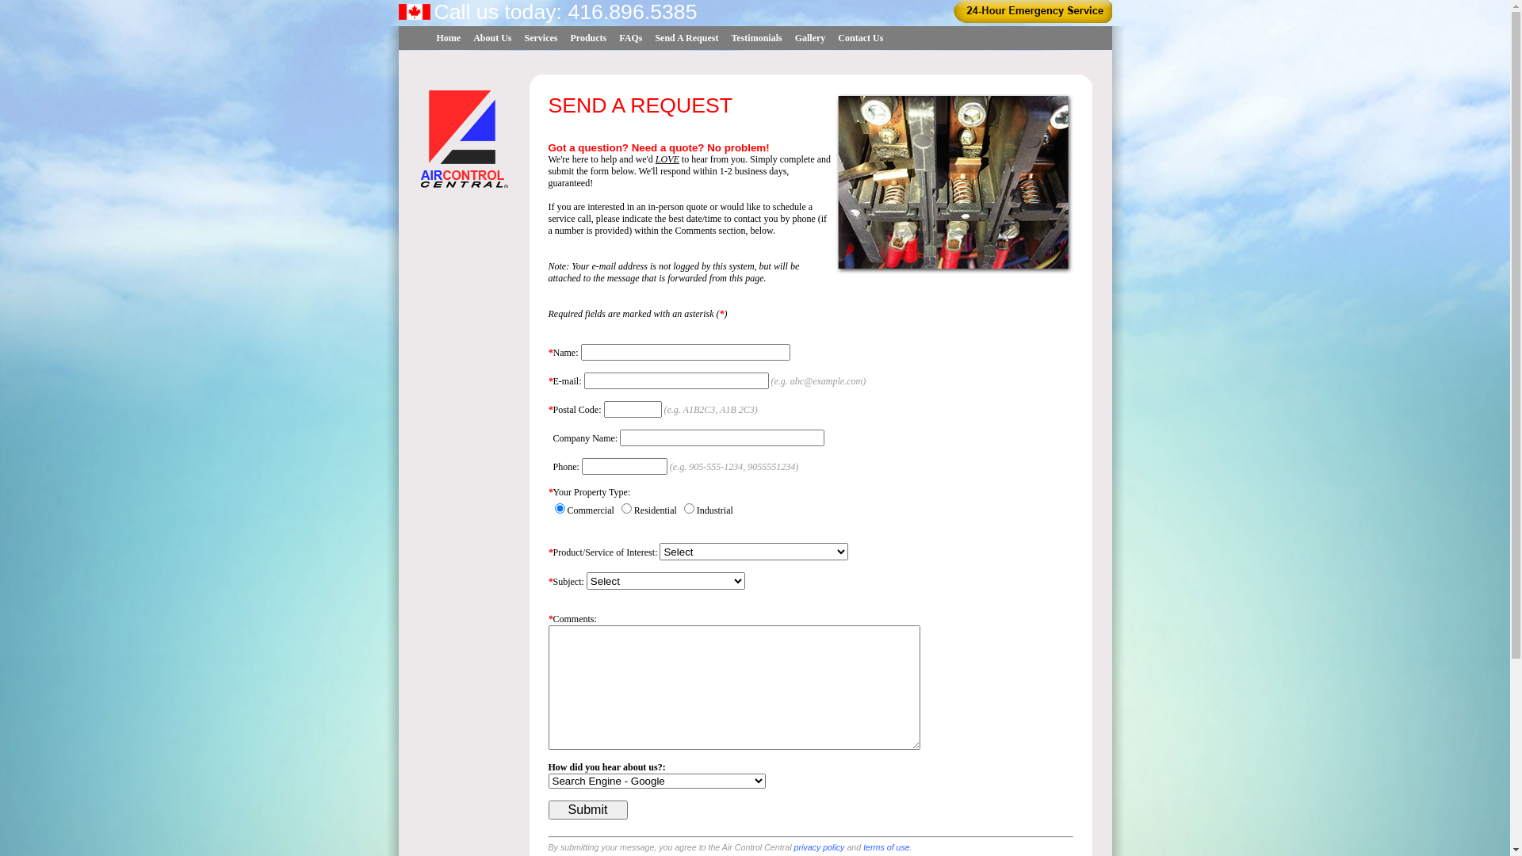 The image size is (1522, 856). What do you see at coordinates (629, 37) in the screenshot?
I see `'FAQs'` at bounding box center [629, 37].